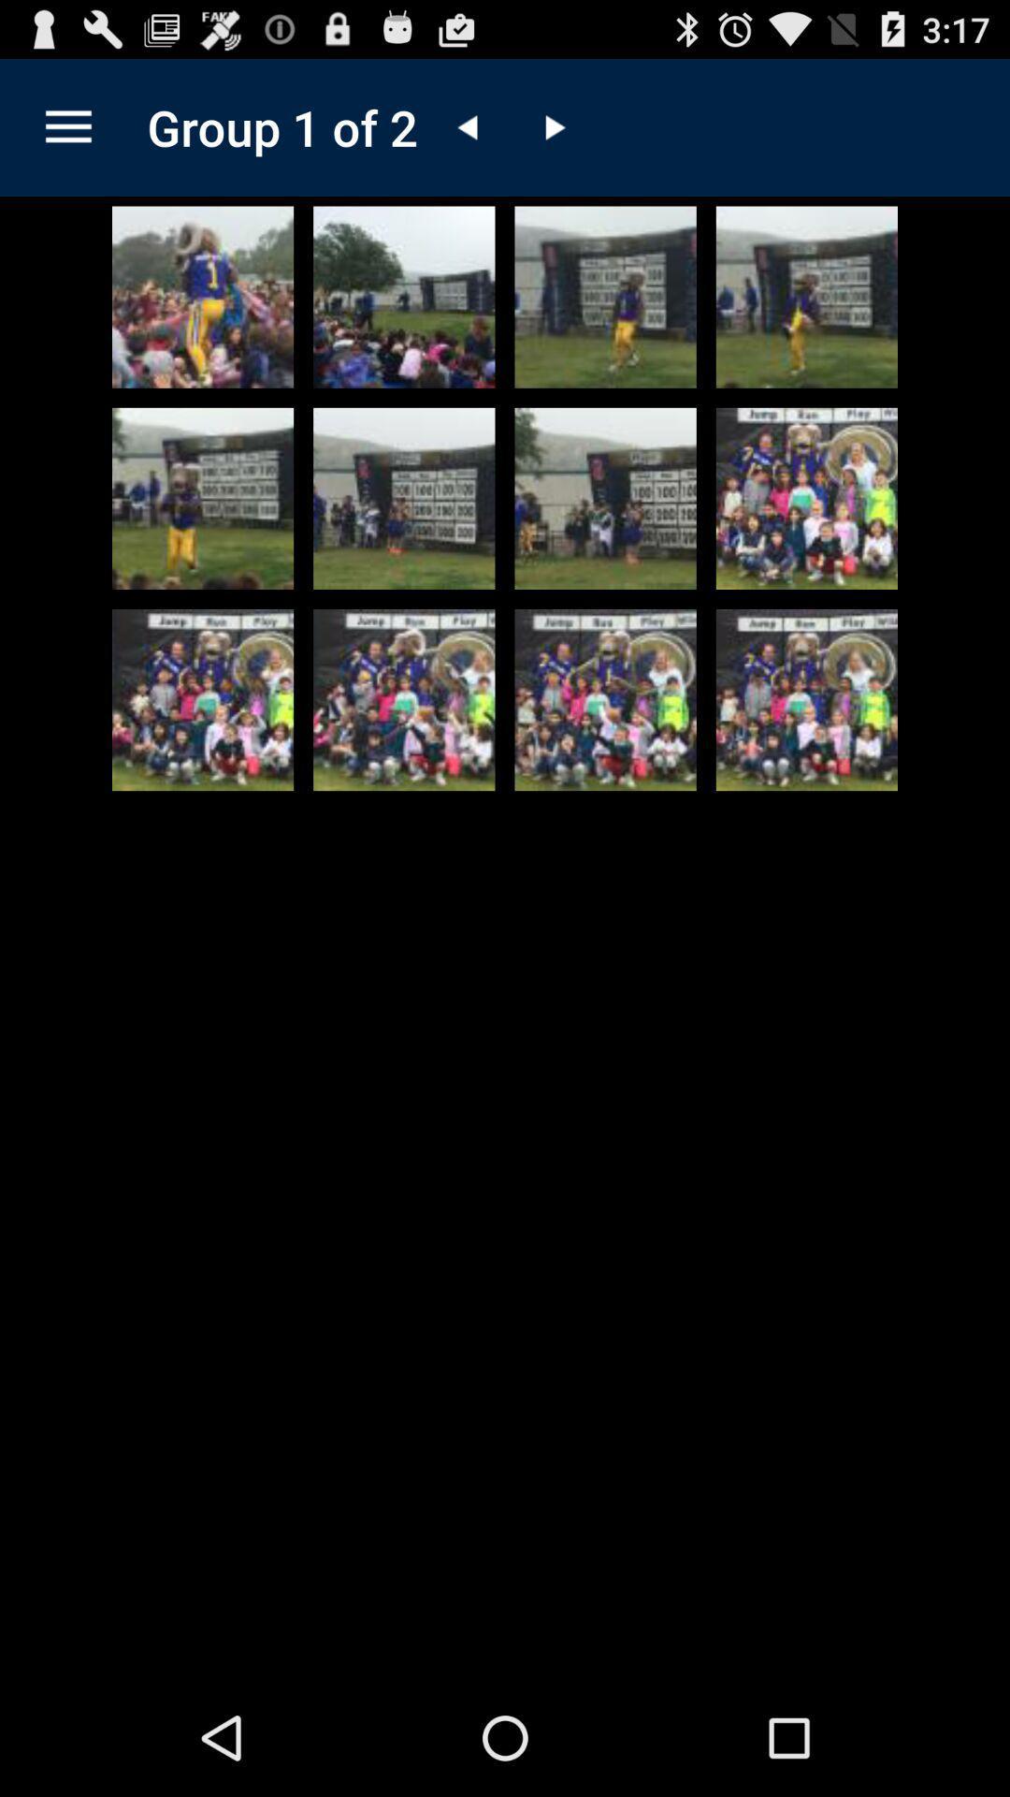  What do you see at coordinates (67, 126) in the screenshot?
I see `open menu` at bounding box center [67, 126].